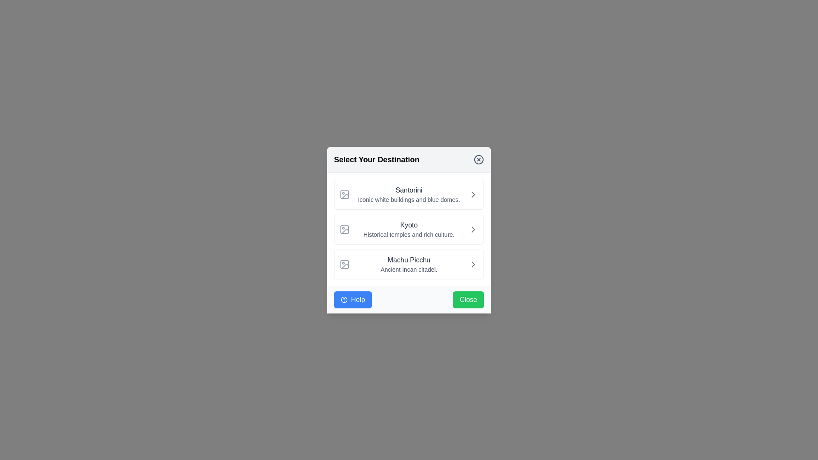  Describe the element at coordinates (353, 299) in the screenshot. I see `the 'Help' button to request assistance` at that location.